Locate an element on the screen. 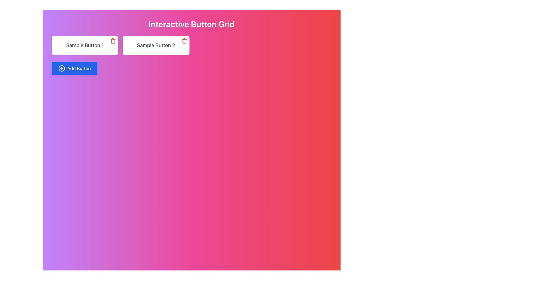 The width and height of the screenshot is (539, 303). on the circular SVG icon adjacent is located at coordinates (62, 68).